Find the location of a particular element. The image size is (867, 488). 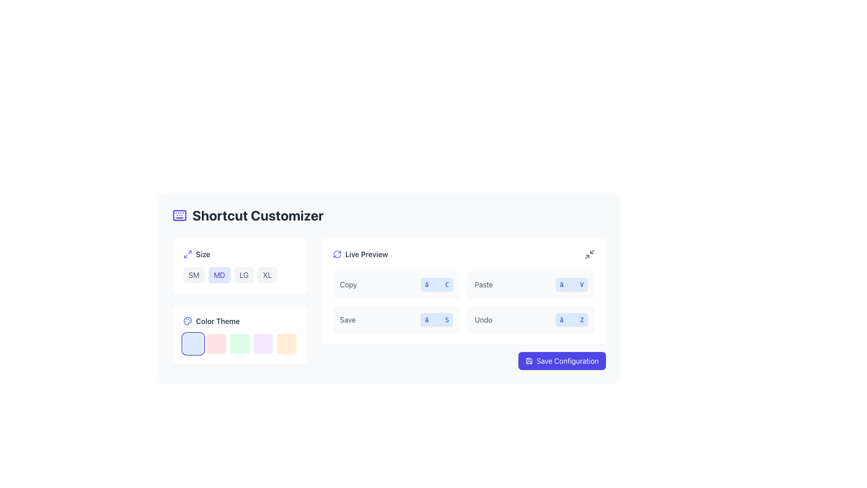

the curved line that forms the bottom-right segment of the refresh icon in the application's header bar is located at coordinates (336, 256).